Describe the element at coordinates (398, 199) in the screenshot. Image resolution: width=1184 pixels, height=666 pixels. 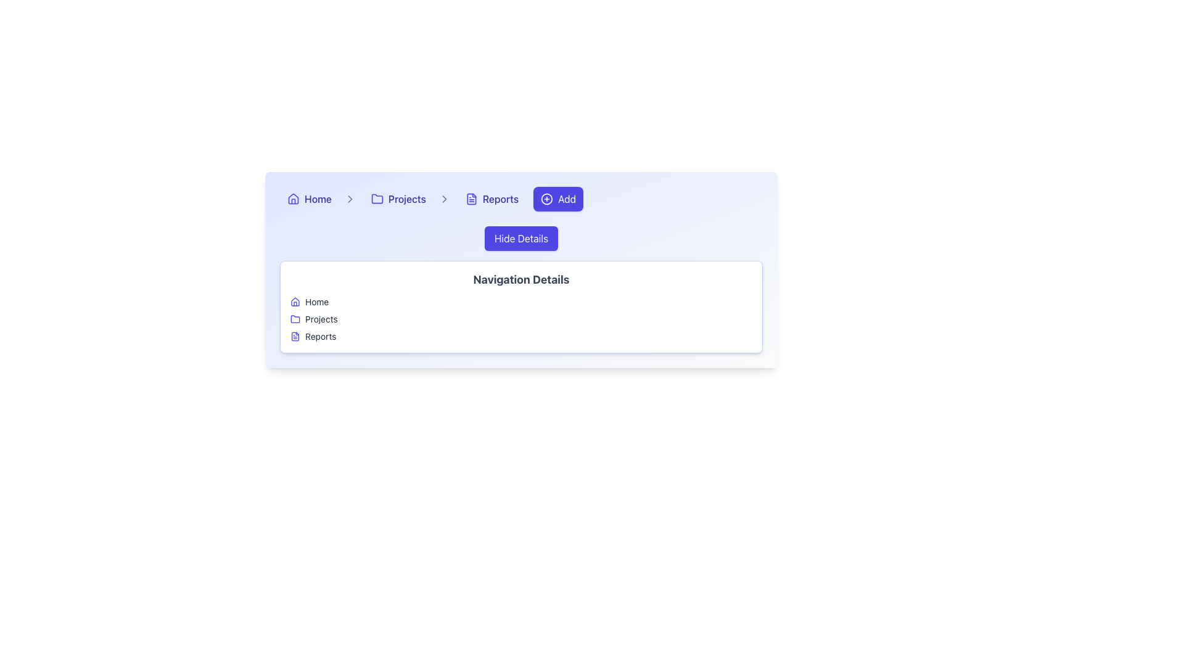
I see `the 'Projects' clickable text label with a folder icon in the breadcrumb navigation bar` at that location.